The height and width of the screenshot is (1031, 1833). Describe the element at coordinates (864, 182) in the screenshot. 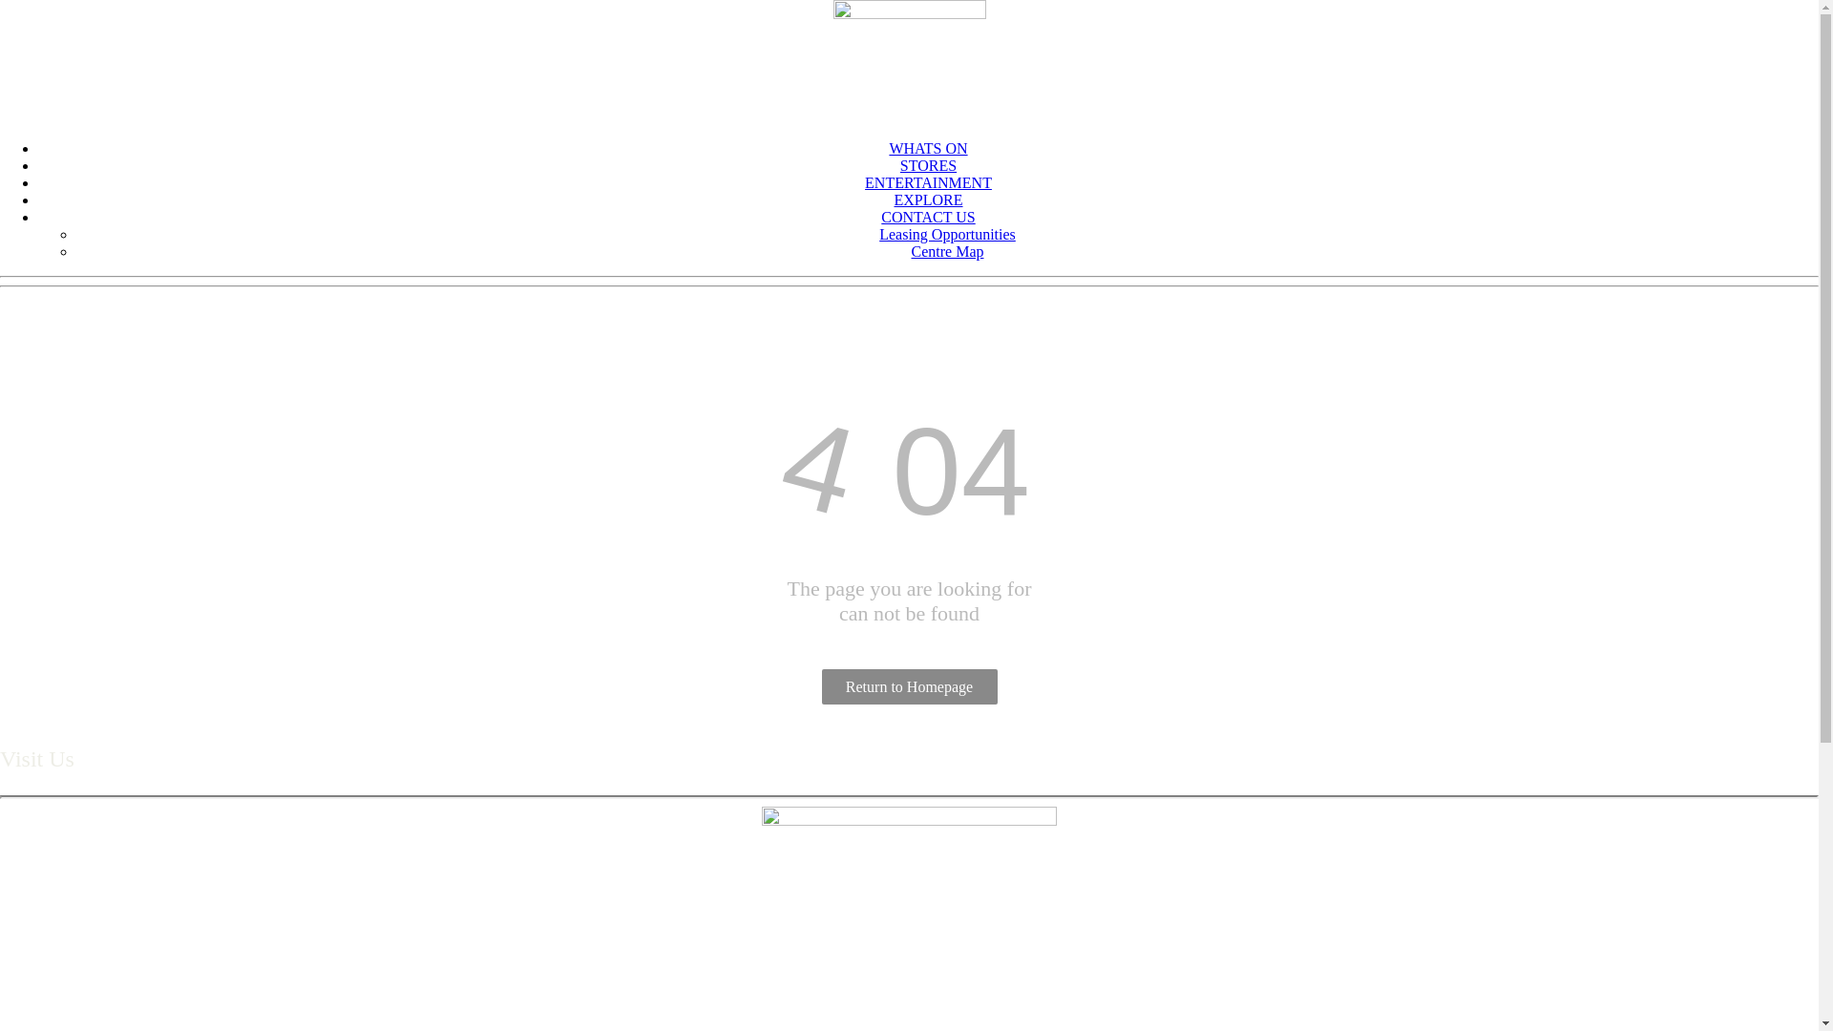

I see `'ENTERTAINMENT'` at that location.